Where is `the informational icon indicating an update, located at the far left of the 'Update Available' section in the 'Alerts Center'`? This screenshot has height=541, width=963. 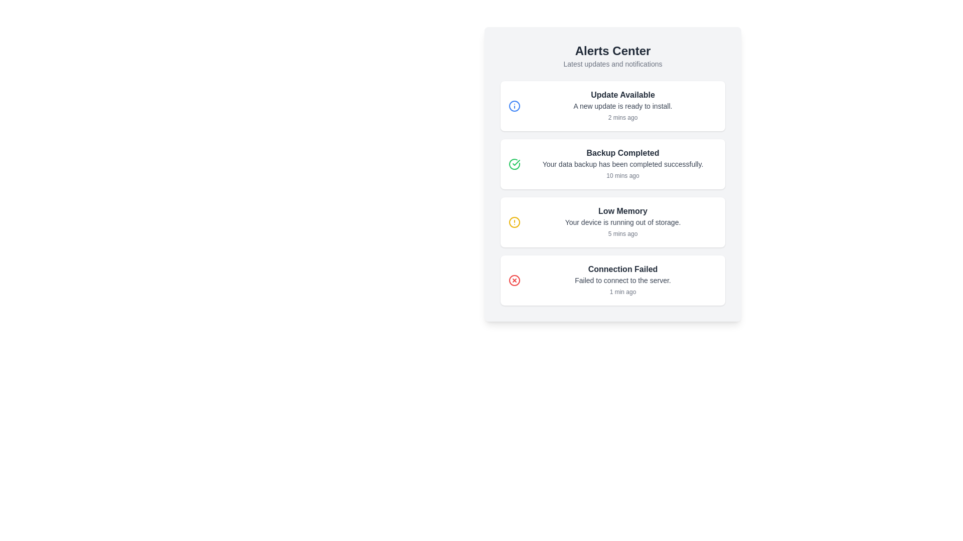
the informational icon indicating an update, located at the far left of the 'Update Available' section in the 'Alerts Center' is located at coordinates (515, 106).